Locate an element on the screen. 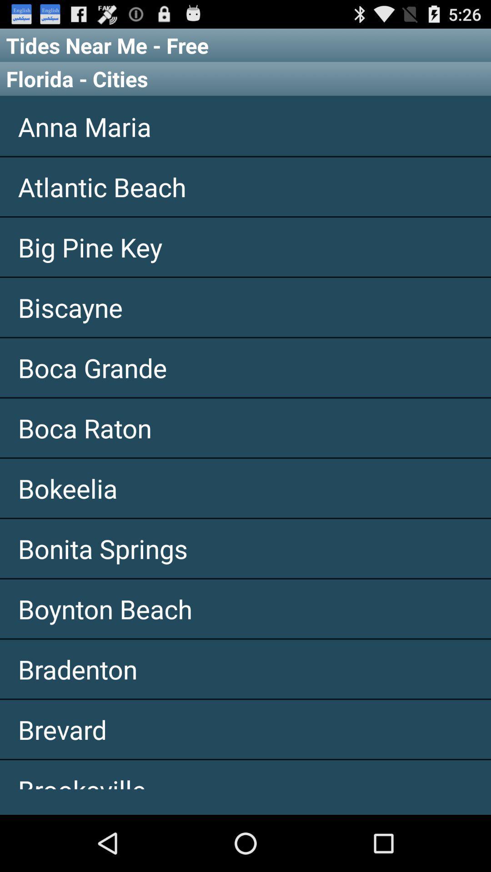 The image size is (491, 872). the atlantic beach app is located at coordinates (245, 186).